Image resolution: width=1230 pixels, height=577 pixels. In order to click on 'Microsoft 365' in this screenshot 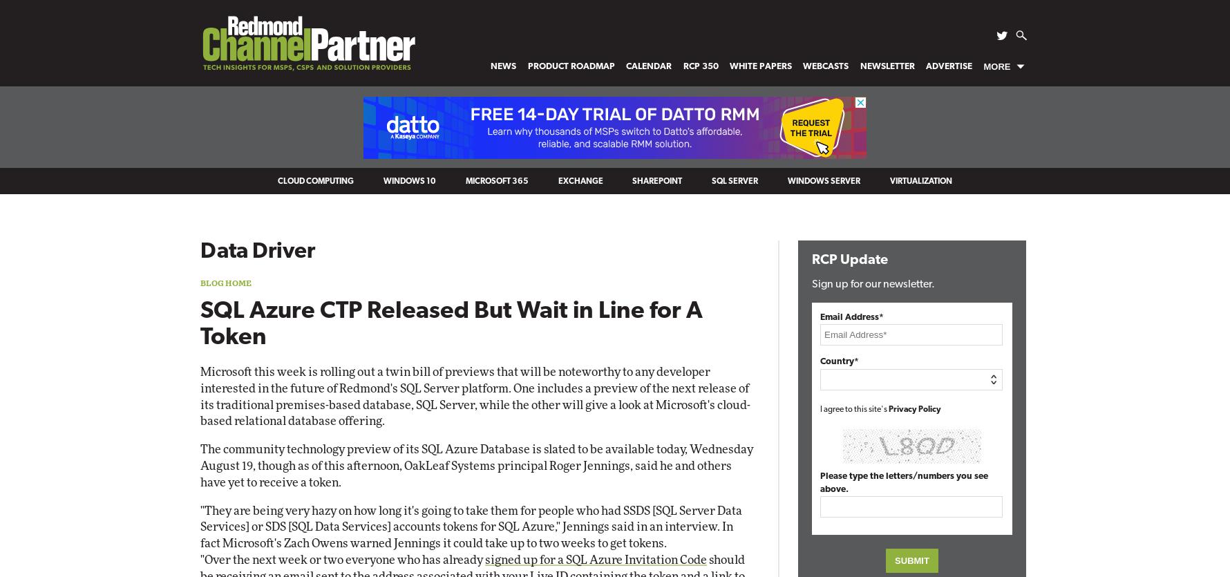, I will do `click(495, 181)`.